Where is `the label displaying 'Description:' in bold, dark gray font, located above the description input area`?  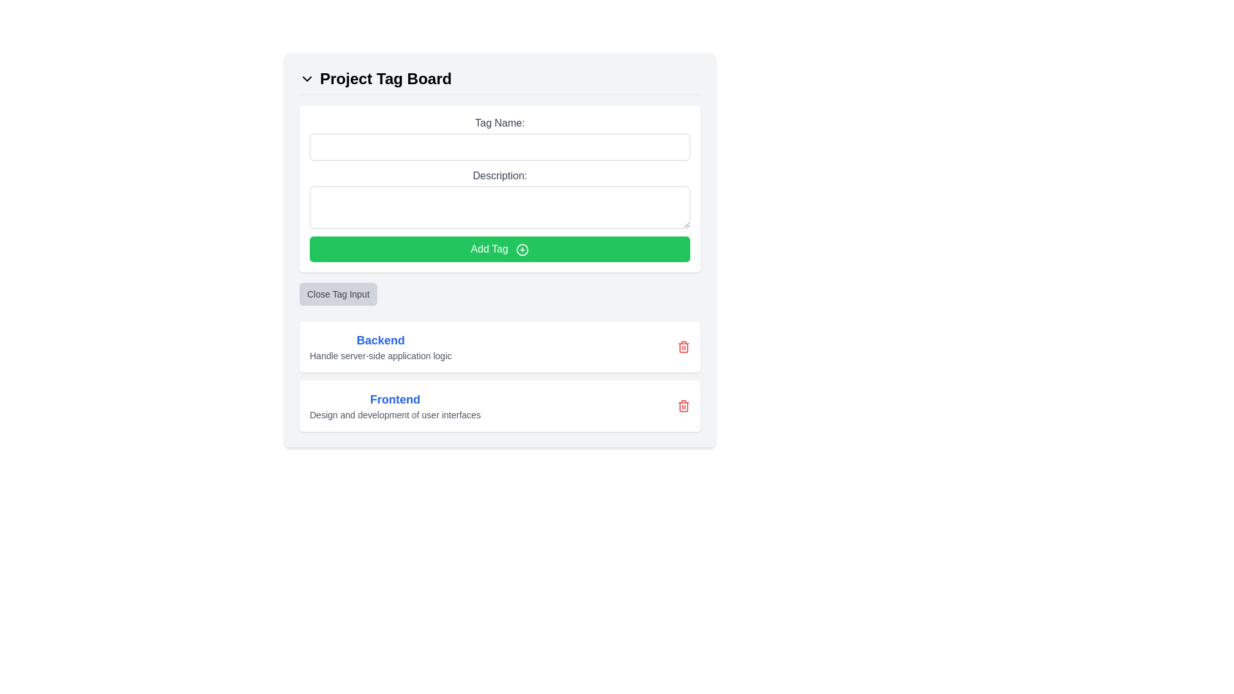 the label displaying 'Description:' in bold, dark gray font, located above the description input area is located at coordinates (499, 175).